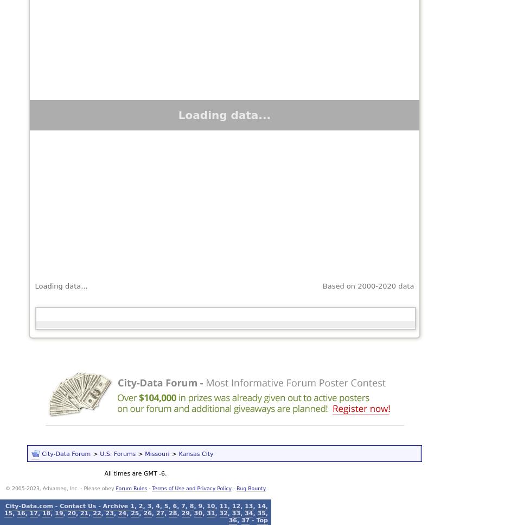  What do you see at coordinates (134, 512) in the screenshot?
I see `'25'` at bounding box center [134, 512].